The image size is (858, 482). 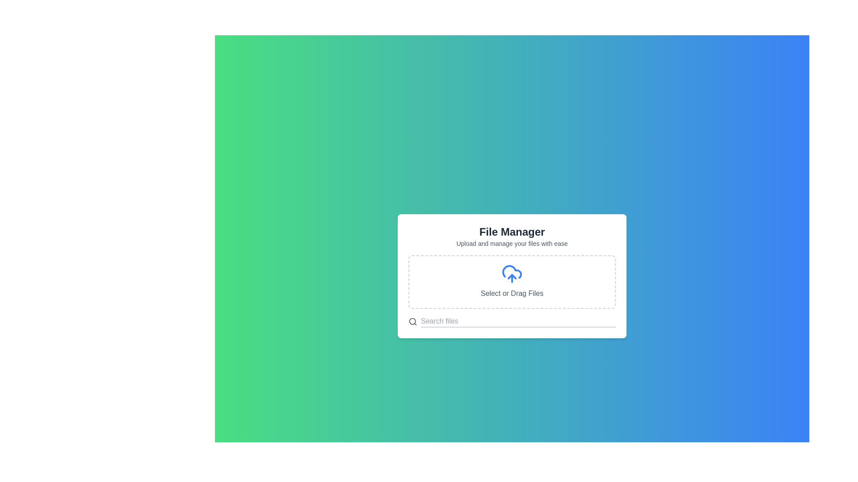 I want to click on files into the upload icon located in the 'Select or Drag Files' section, which is centered above the text 'Select or Drag Files', so click(x=512, y=273).